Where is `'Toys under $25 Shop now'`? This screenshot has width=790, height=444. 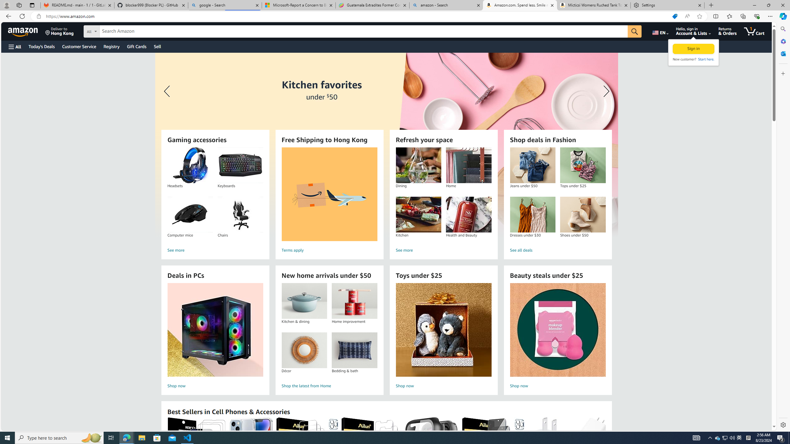
'Toys under $25 Shop now' is located at coordinates (443, 336).